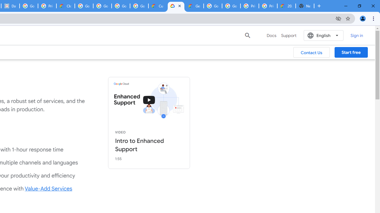 This screenshot has width=380, height=213. I want to click on 'Docs', so click(271, 35).